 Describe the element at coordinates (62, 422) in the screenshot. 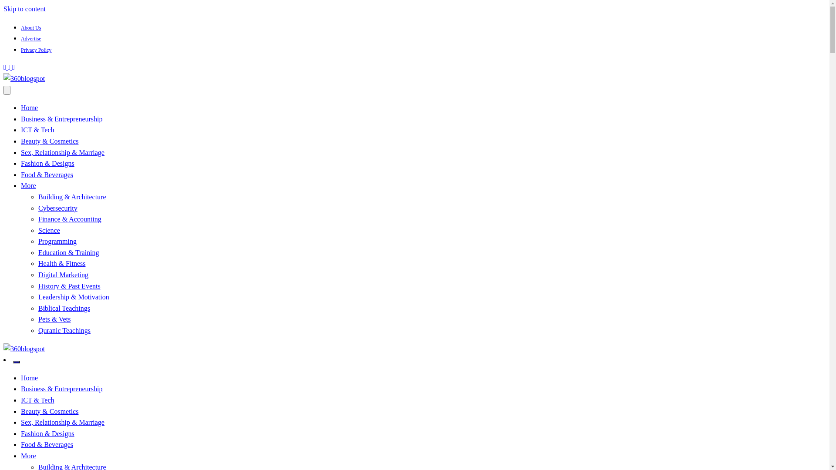

I see `'Sex, Relationship & Marriage'` at that location.